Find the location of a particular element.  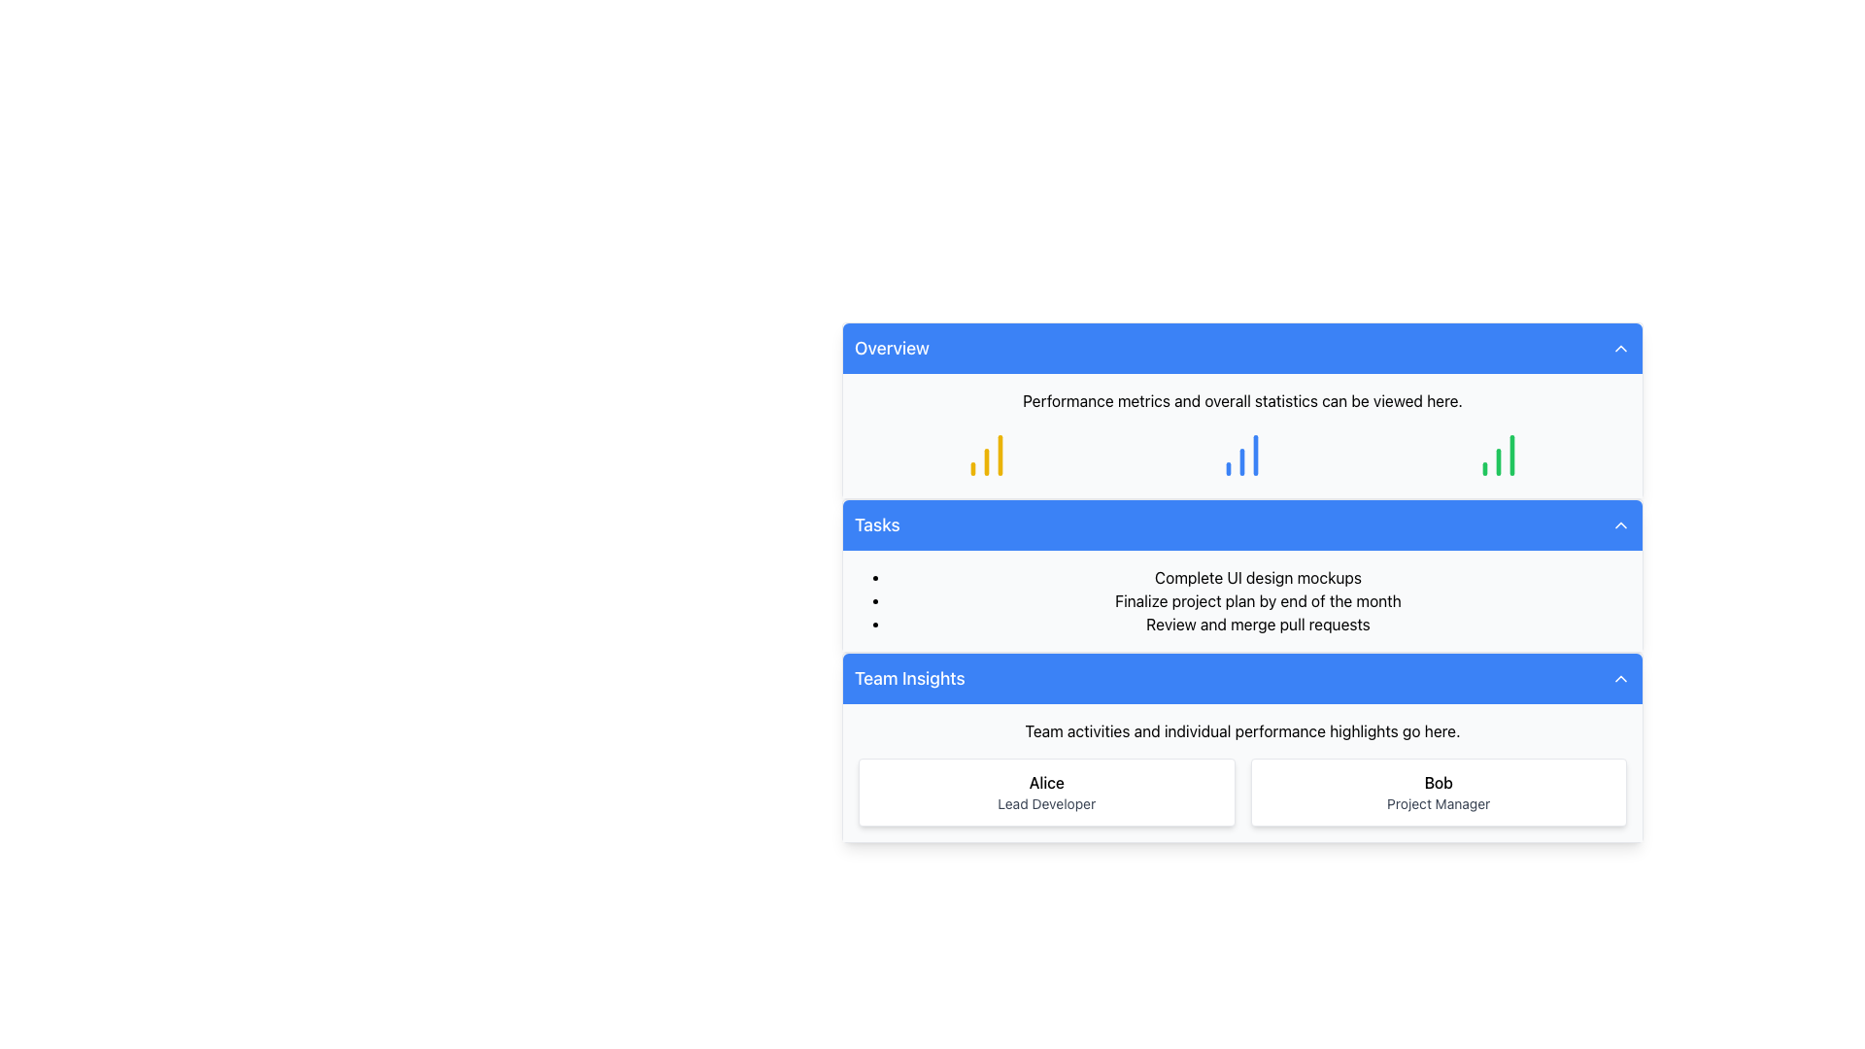

the text item 'Review and merge pull requests' located within the bulleted list in the blue panel under the 'Tasks' heading is located at coordinates (1258, 625).